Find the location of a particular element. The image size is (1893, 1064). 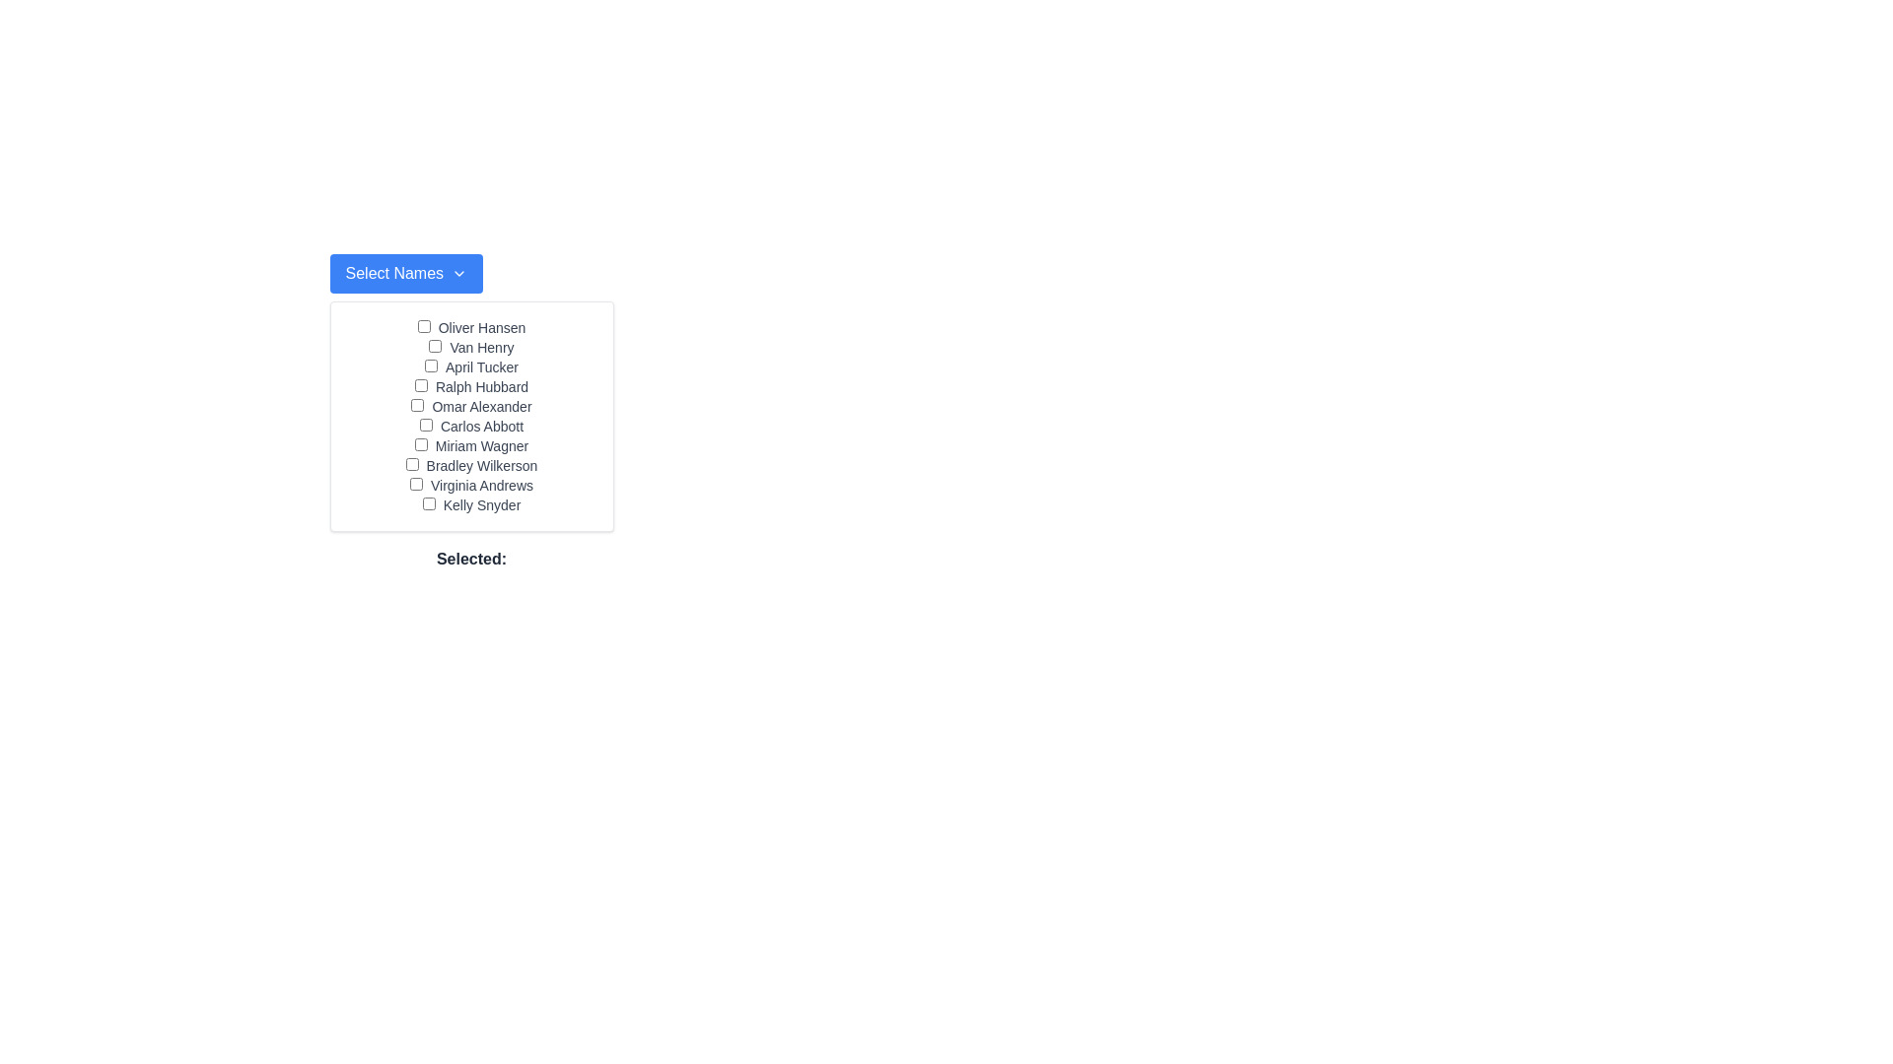

the checkbox for 'Miriam Wagner' is located at coordinates (420, 444).